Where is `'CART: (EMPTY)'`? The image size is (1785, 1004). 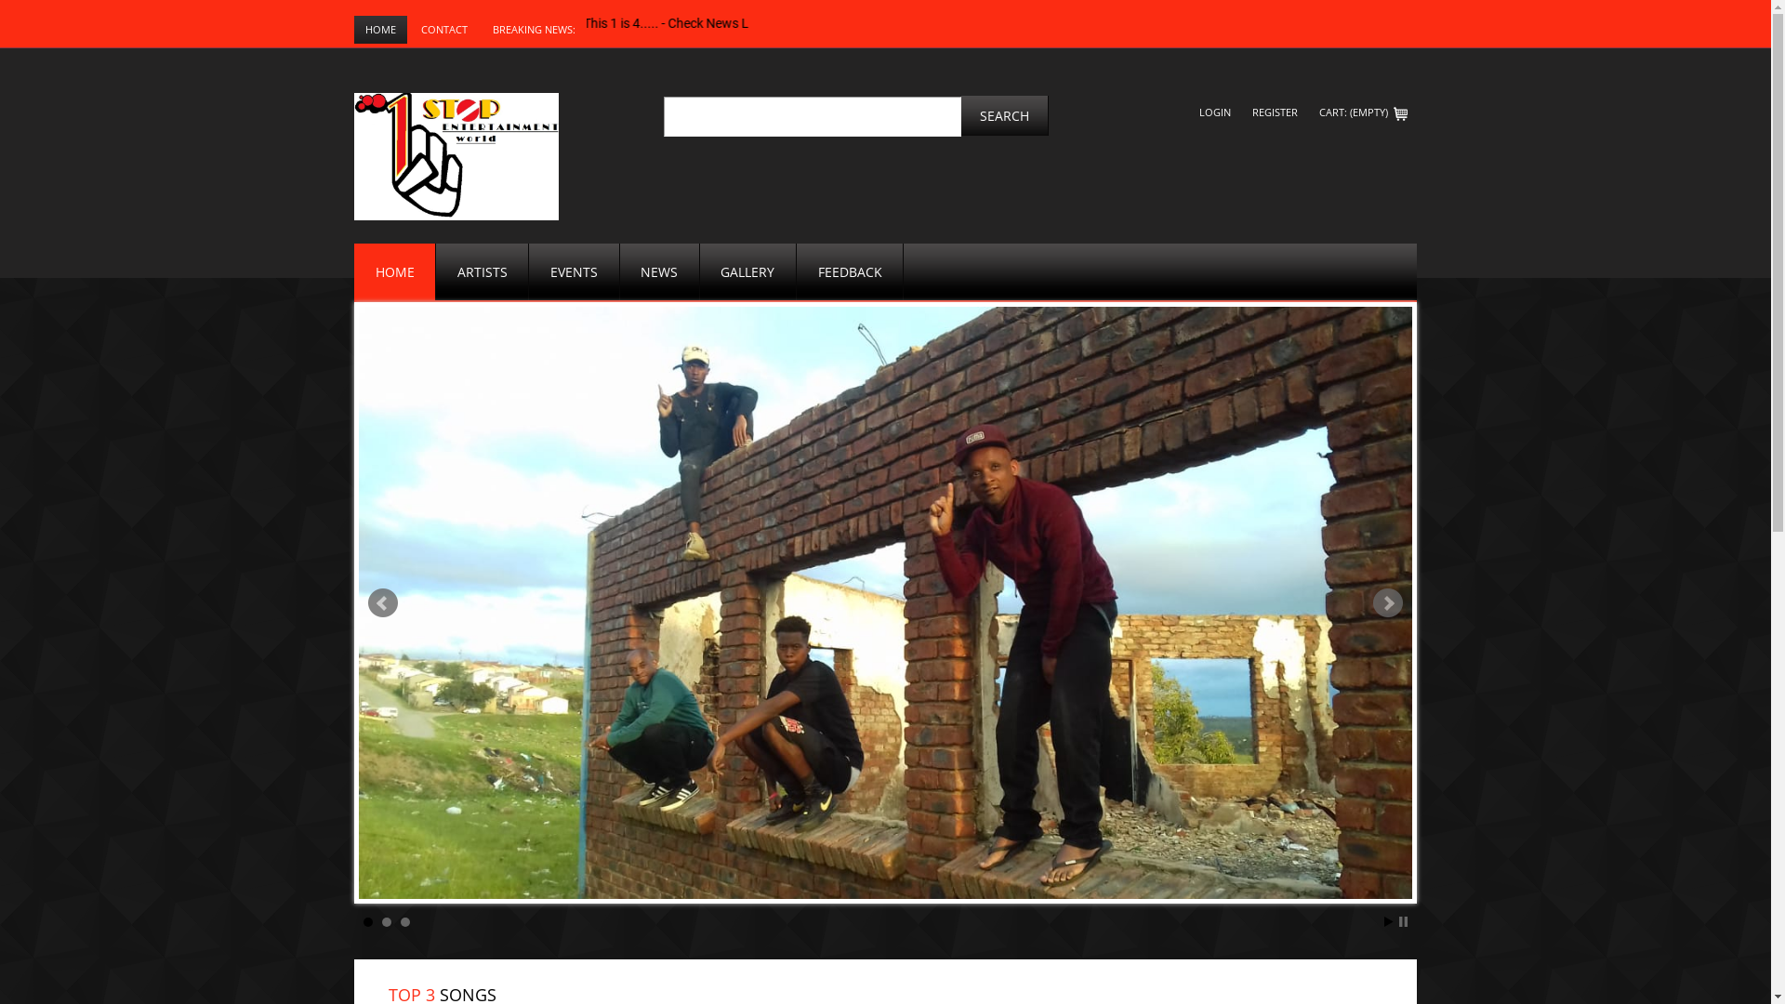
'CART: (EMPTY)' is located at coordinates (1363, 112).